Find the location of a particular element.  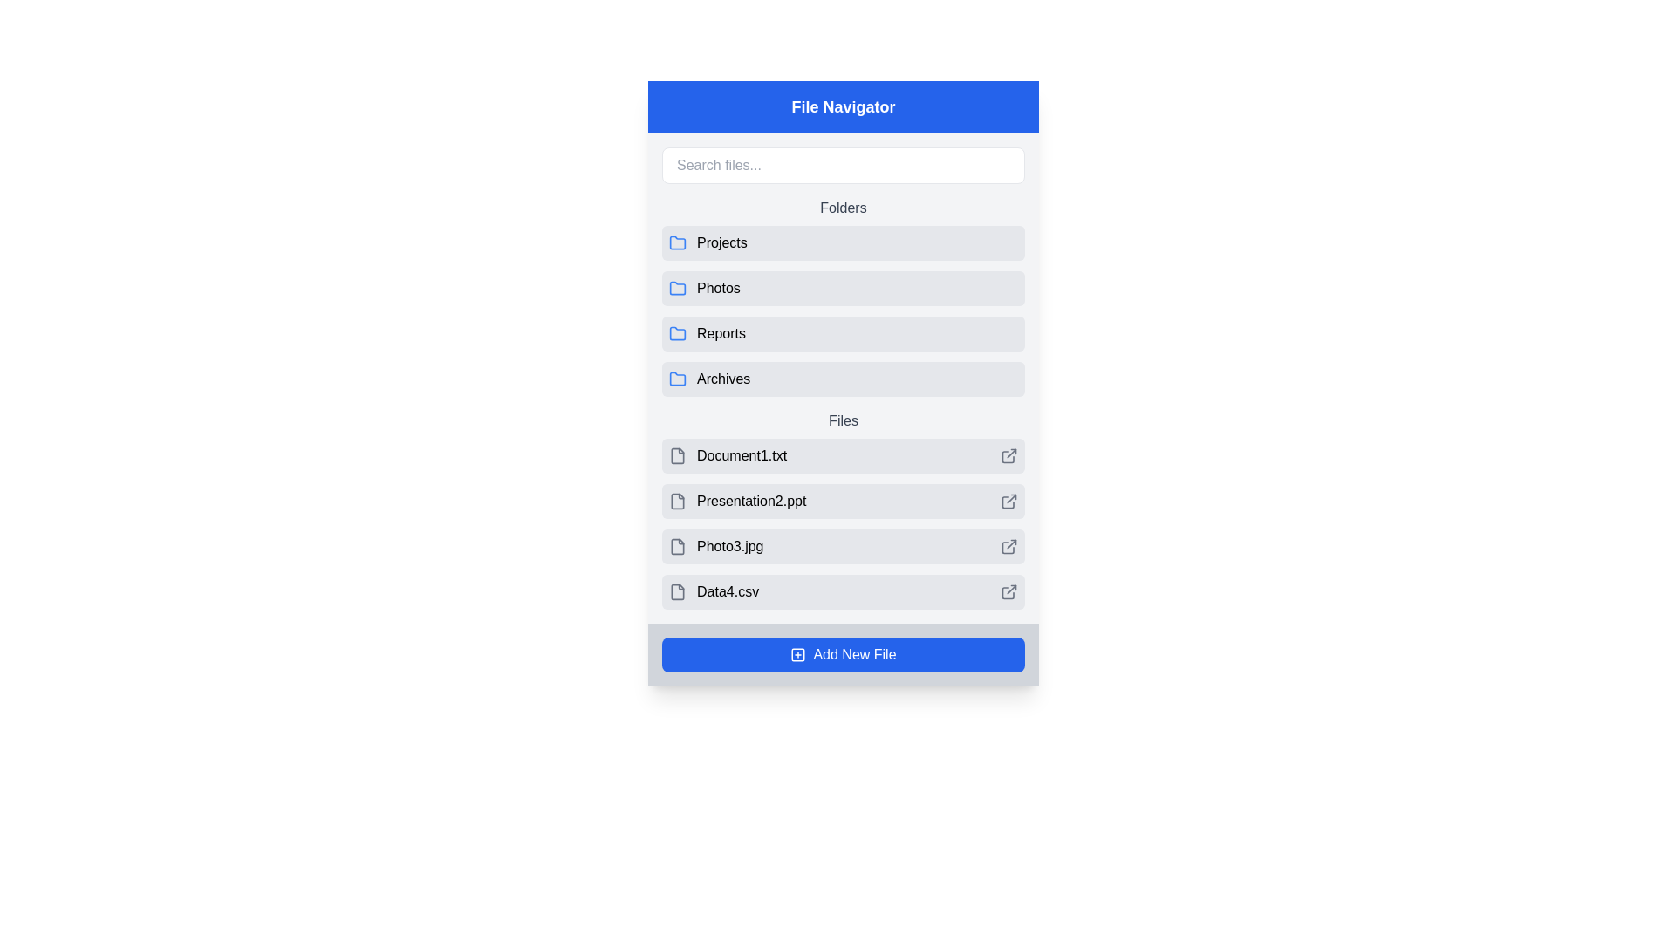

the blue folder icon labeled 'Projects' to interact with it is located at coordinates (677, 242).